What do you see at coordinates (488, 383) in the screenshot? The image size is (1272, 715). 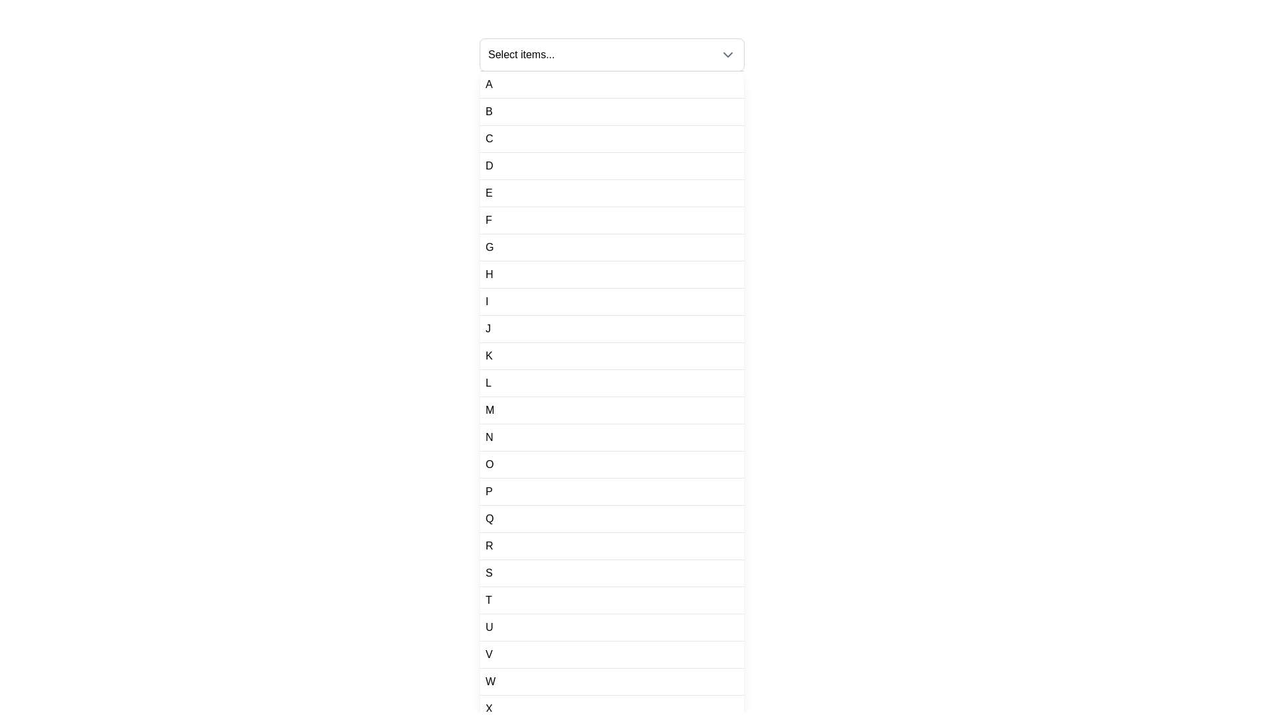 I see `the text label displaying the single character 'L', which is part of a vertical list interface between 'K' and 'M'` at bounding box center [488, 383].